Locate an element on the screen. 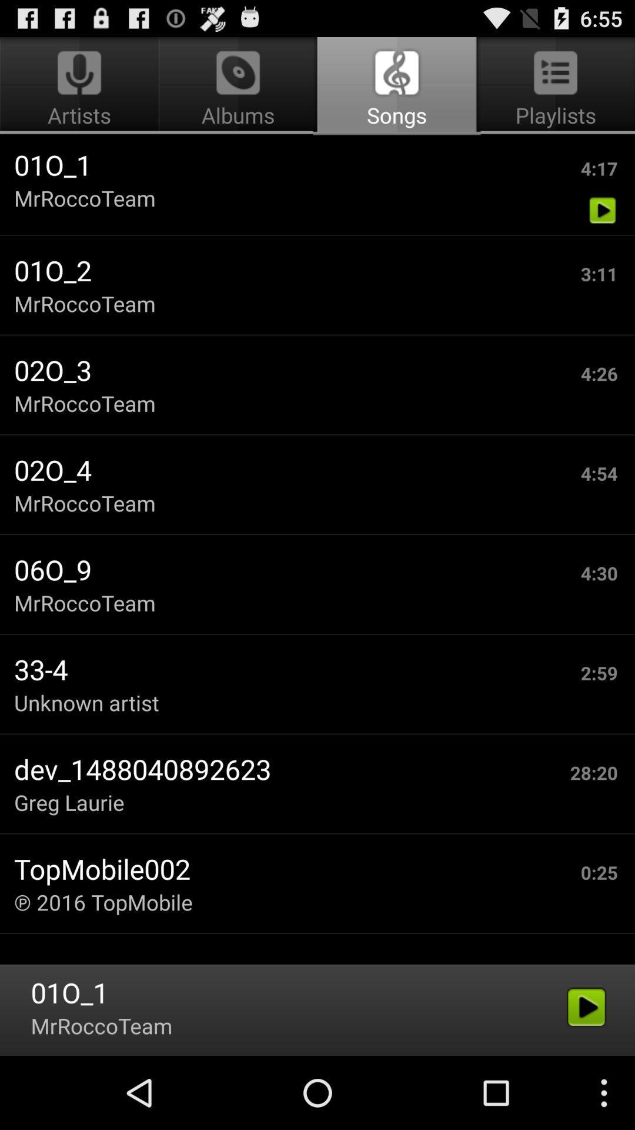  the songs is located at coordinates (397, 86).